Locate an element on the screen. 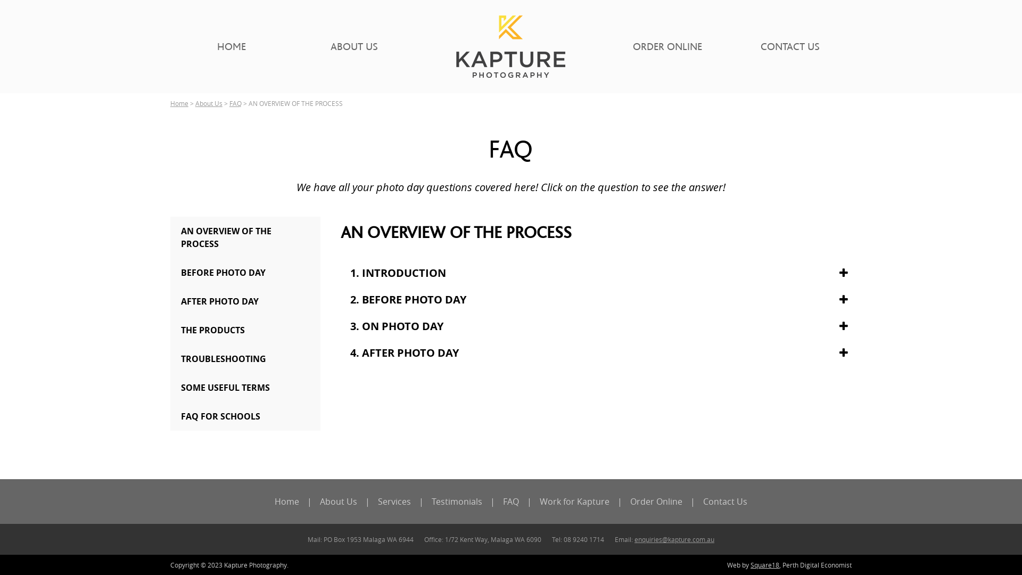  'Work for Kapture' is located at coordinates (574, 501).